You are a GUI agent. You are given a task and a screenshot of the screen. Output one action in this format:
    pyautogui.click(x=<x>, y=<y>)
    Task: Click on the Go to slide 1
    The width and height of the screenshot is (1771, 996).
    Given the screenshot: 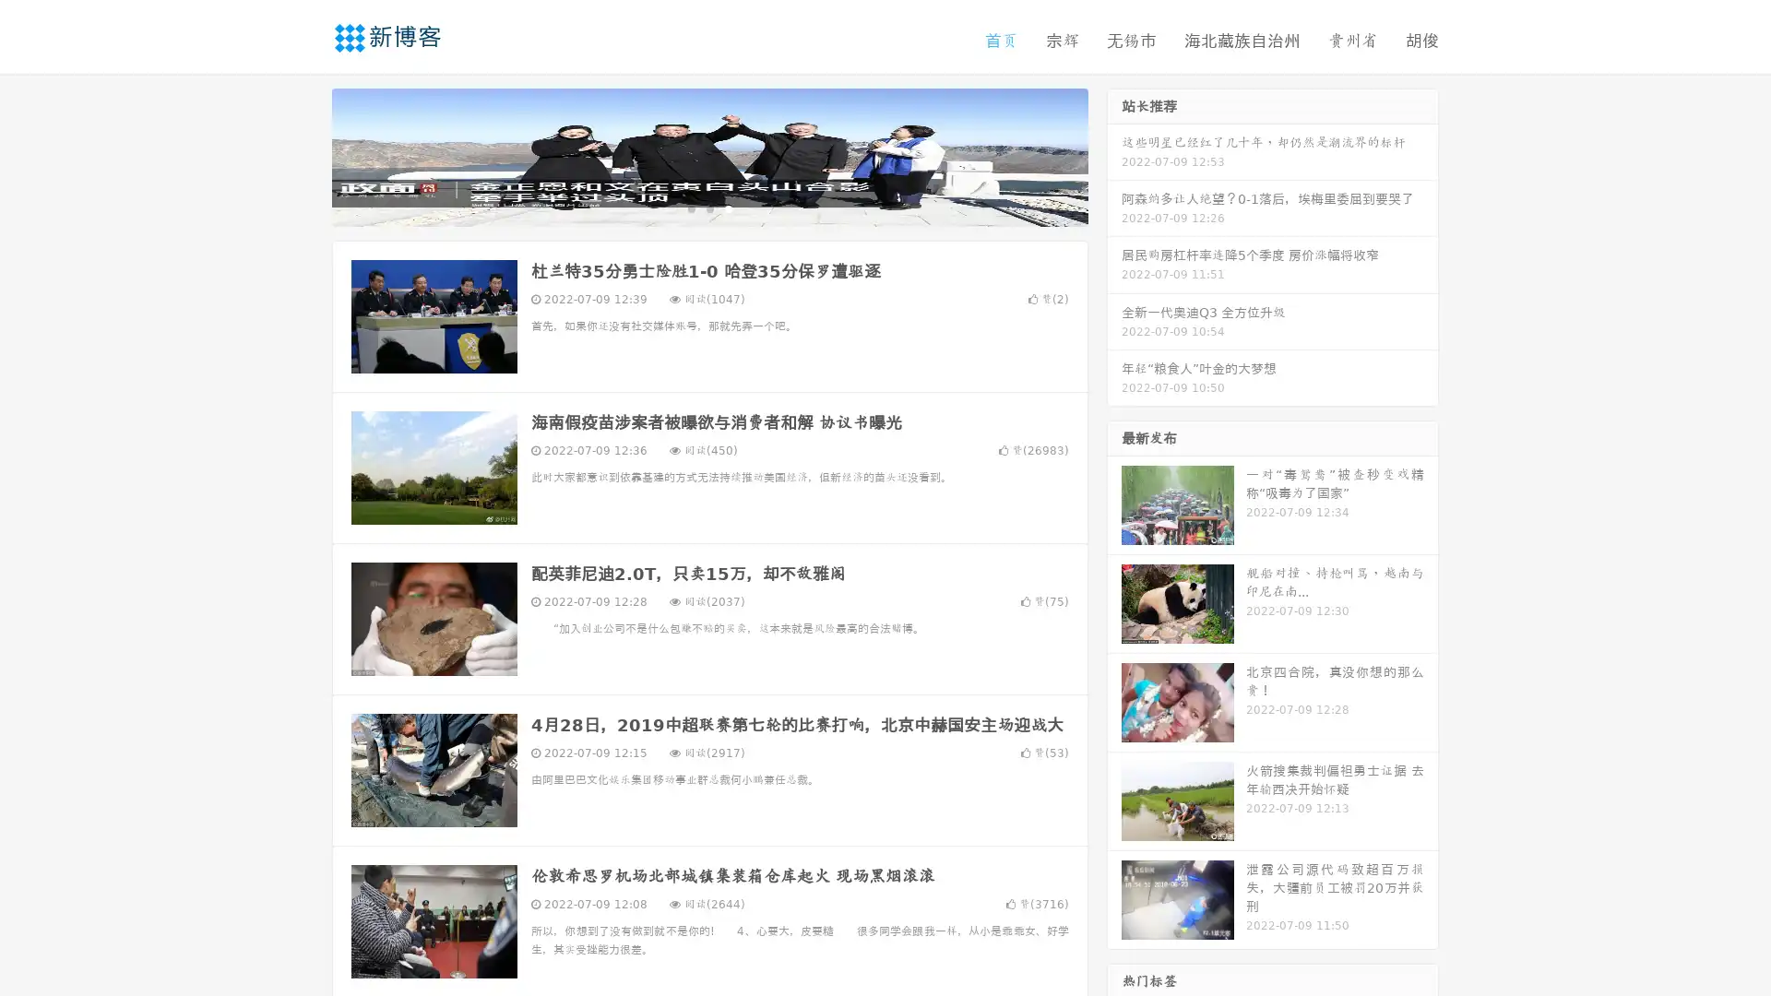 What is the action you would take?
    pyautogui.click(x=690, y=207)
    